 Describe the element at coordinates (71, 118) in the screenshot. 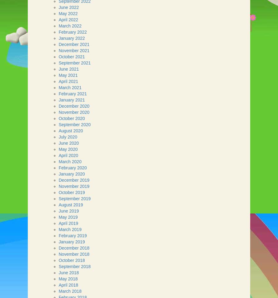

I see `'October 2020'` at that location.